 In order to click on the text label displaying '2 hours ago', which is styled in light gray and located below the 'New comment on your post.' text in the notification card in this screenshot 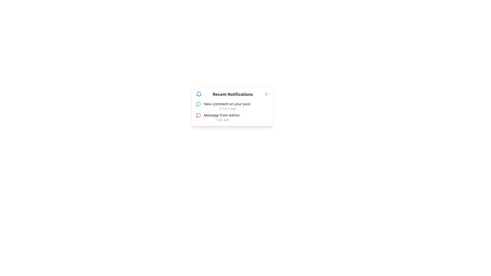, I will do `click(227, 108)`.